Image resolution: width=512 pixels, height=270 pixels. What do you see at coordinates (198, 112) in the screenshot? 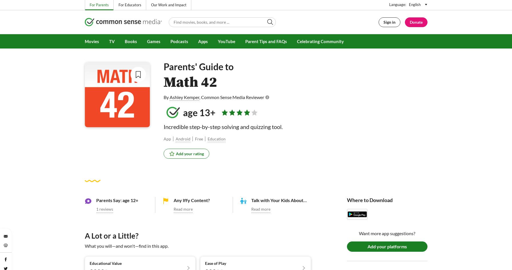
I see `'age 13+'` at bounding box center [198, 112].